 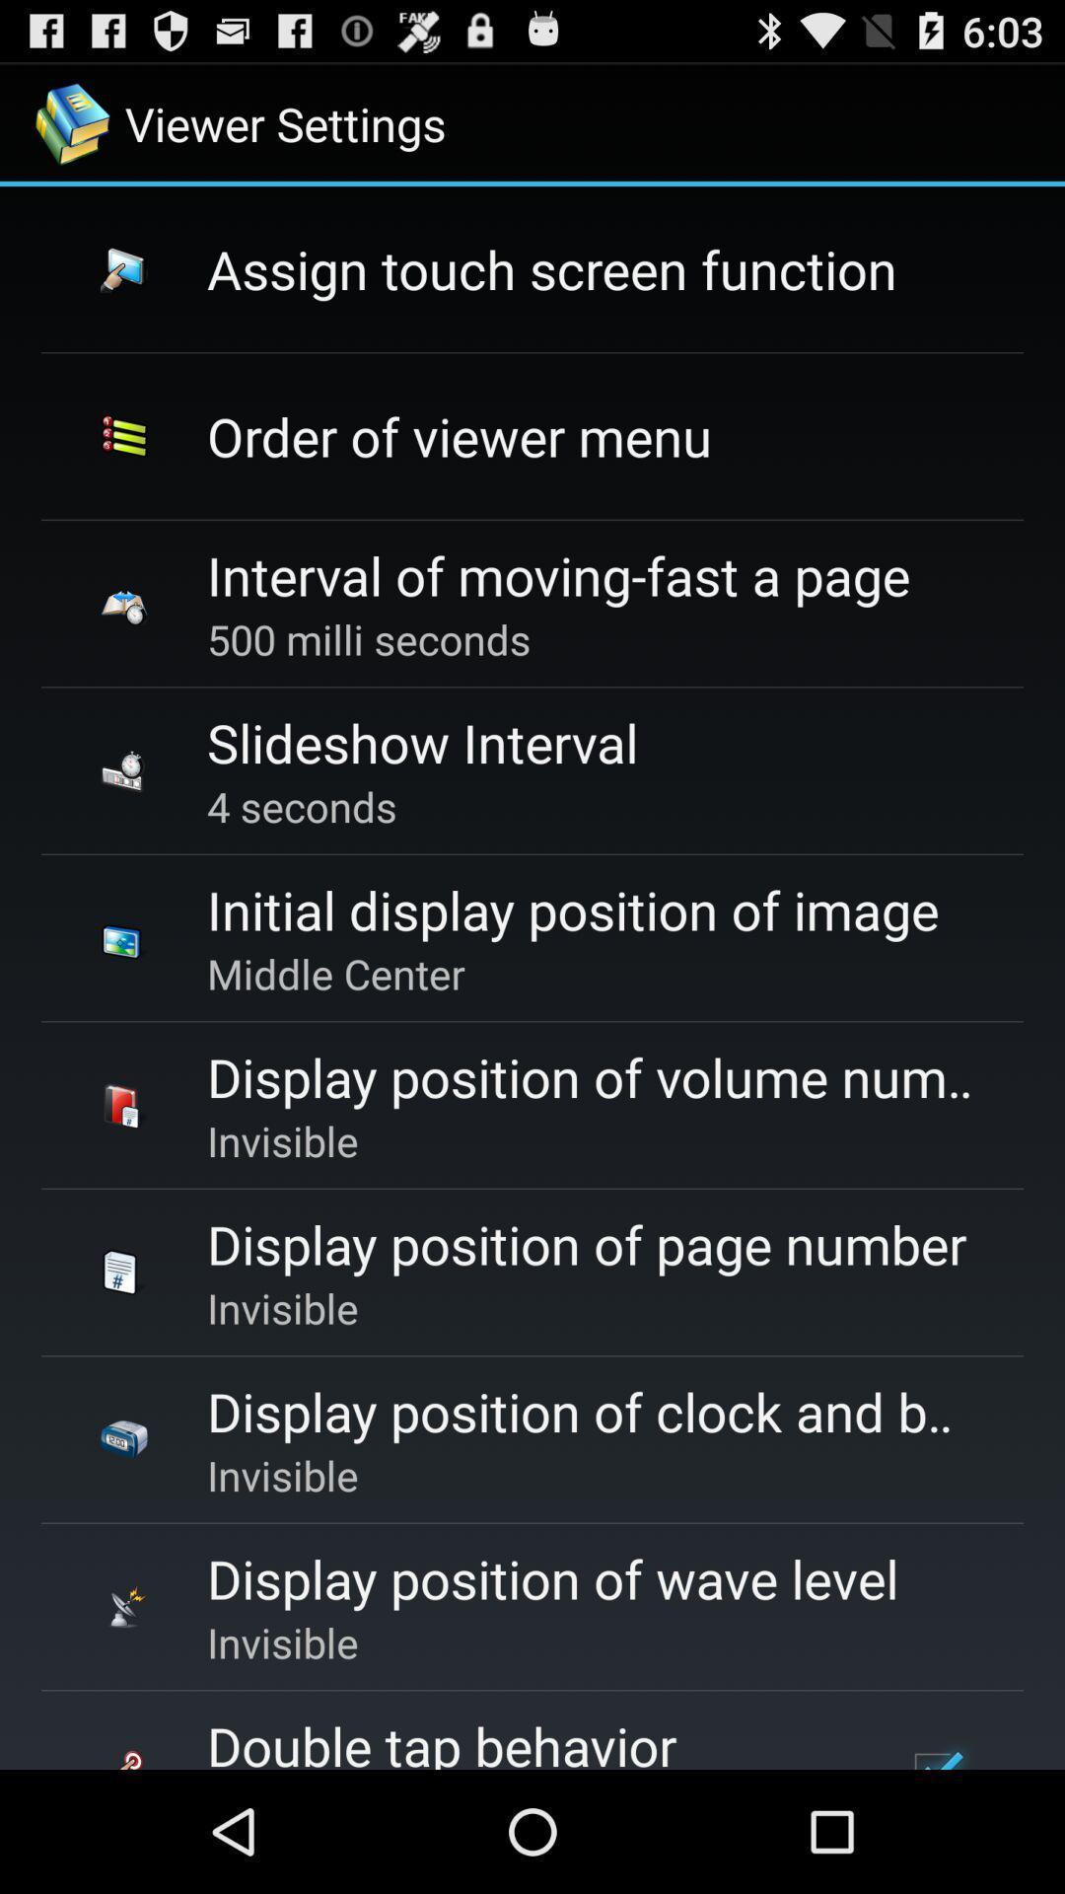 I want to click on the checkbox at the bottom right corner, so click(x=934, y=1751).